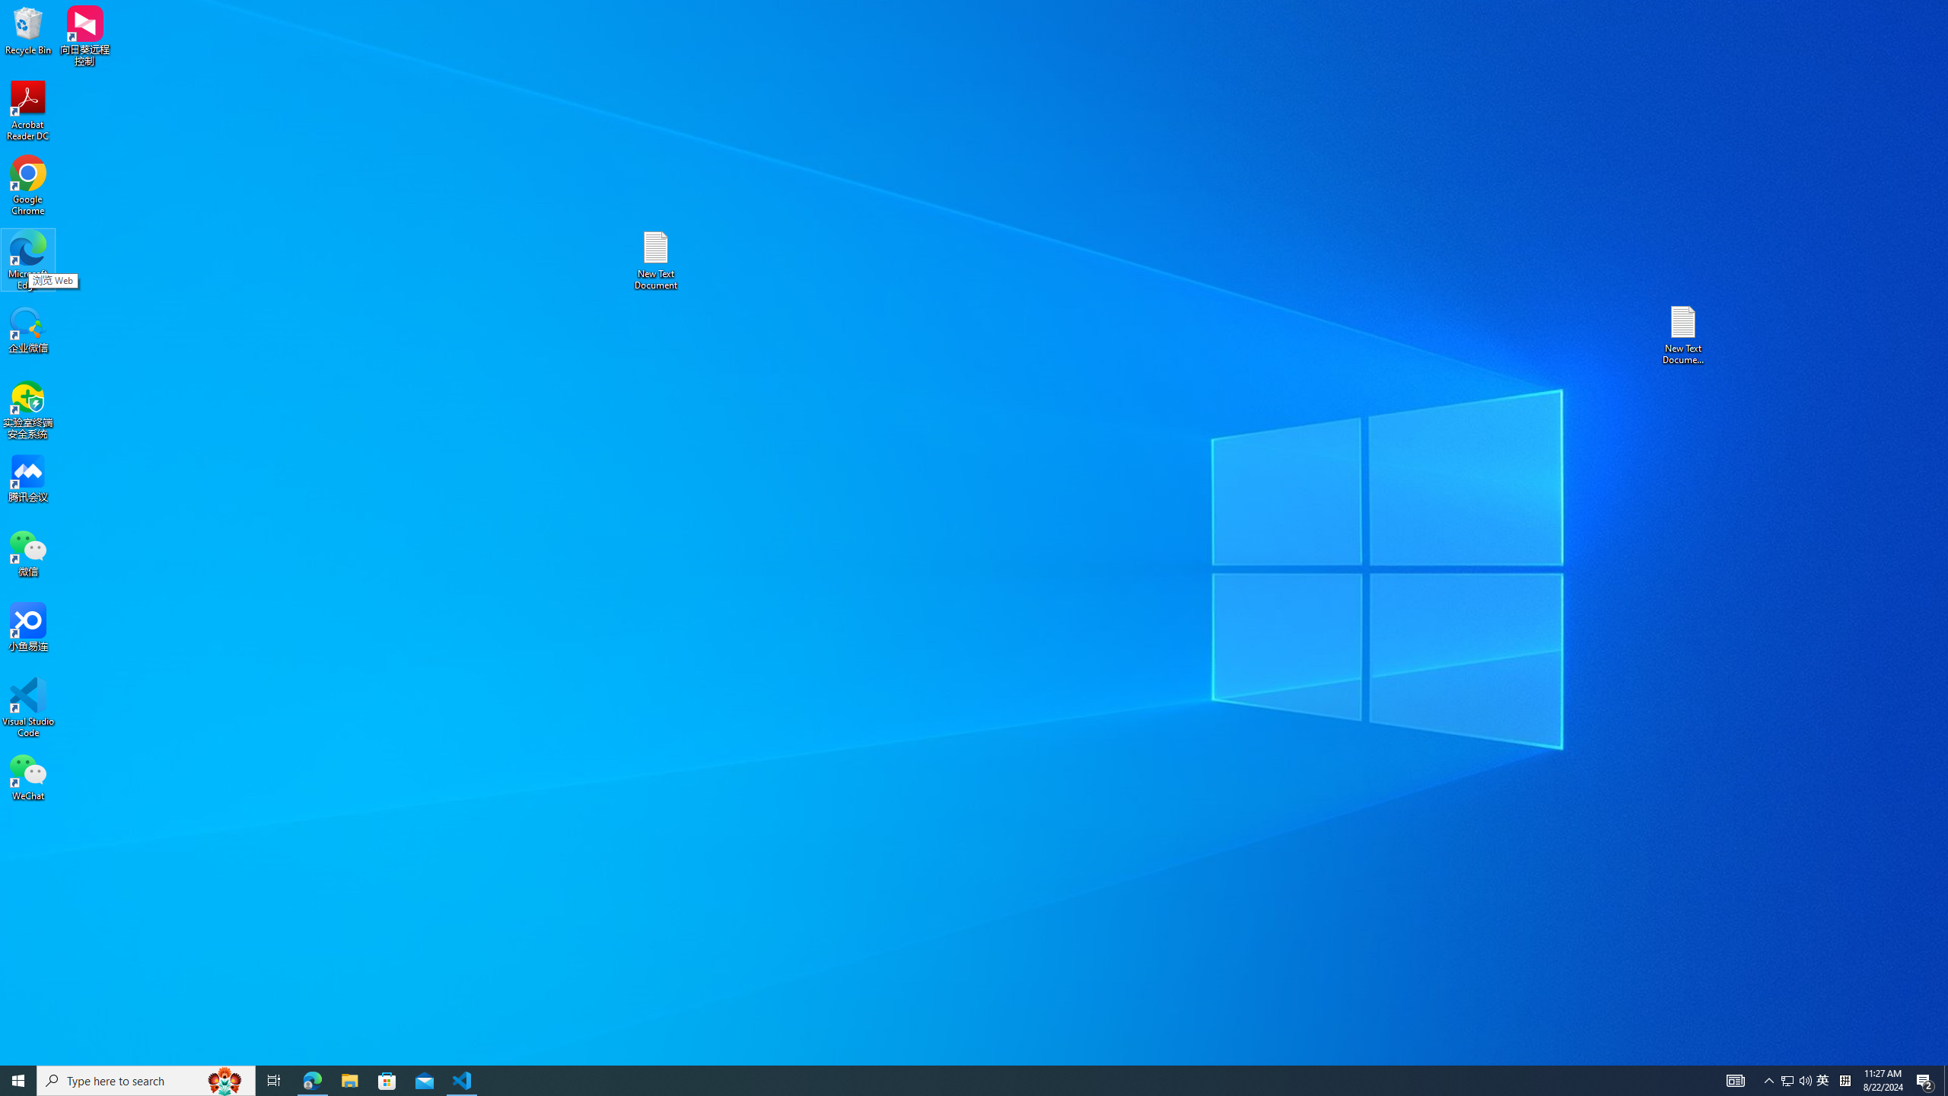 The image size is (1948, 1096). What do you see at coordinates (387, 1079) in the screenshot?
I see `'Microsoft Store'` at bounding box center [387, 1079].